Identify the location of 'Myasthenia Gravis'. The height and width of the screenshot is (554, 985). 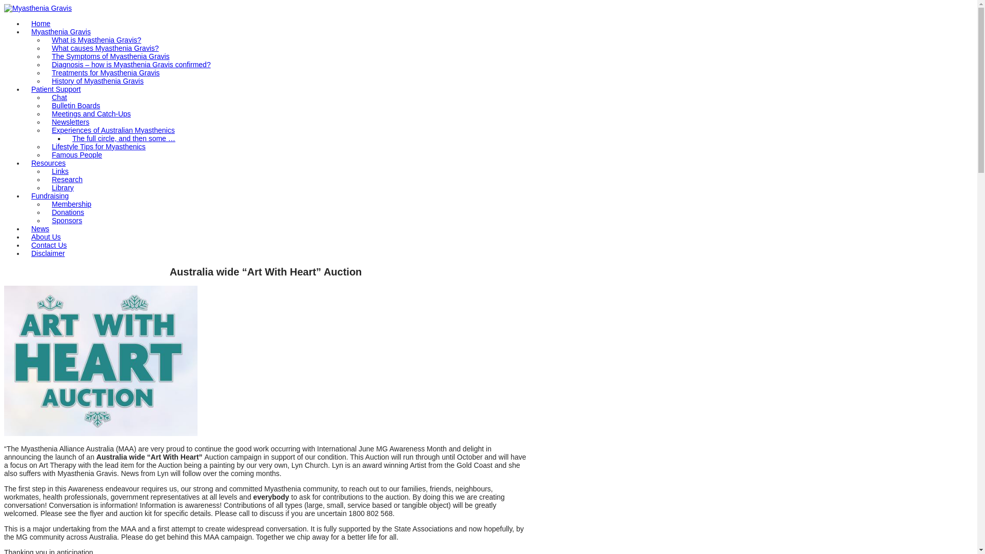
(61, 31).